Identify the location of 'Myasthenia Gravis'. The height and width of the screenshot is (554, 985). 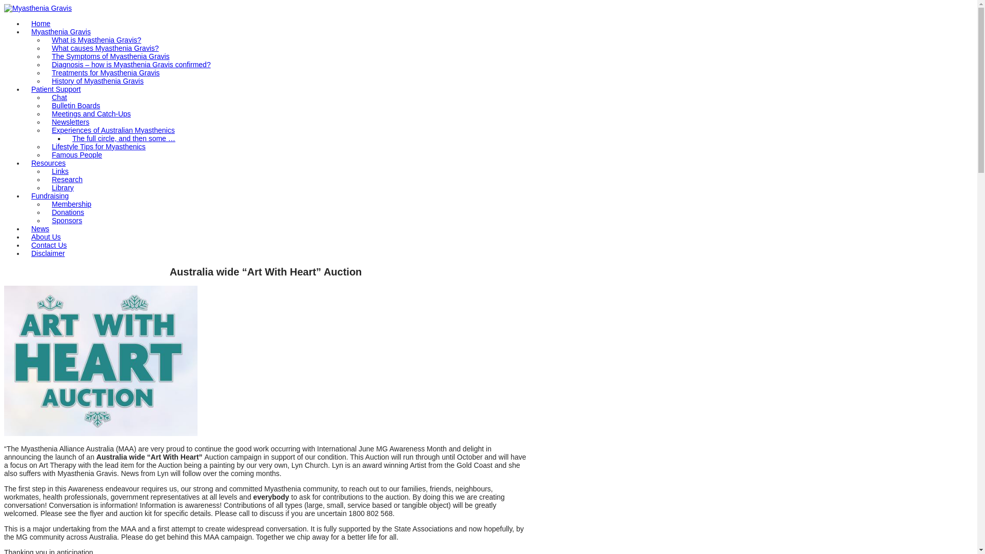
(61, 31).